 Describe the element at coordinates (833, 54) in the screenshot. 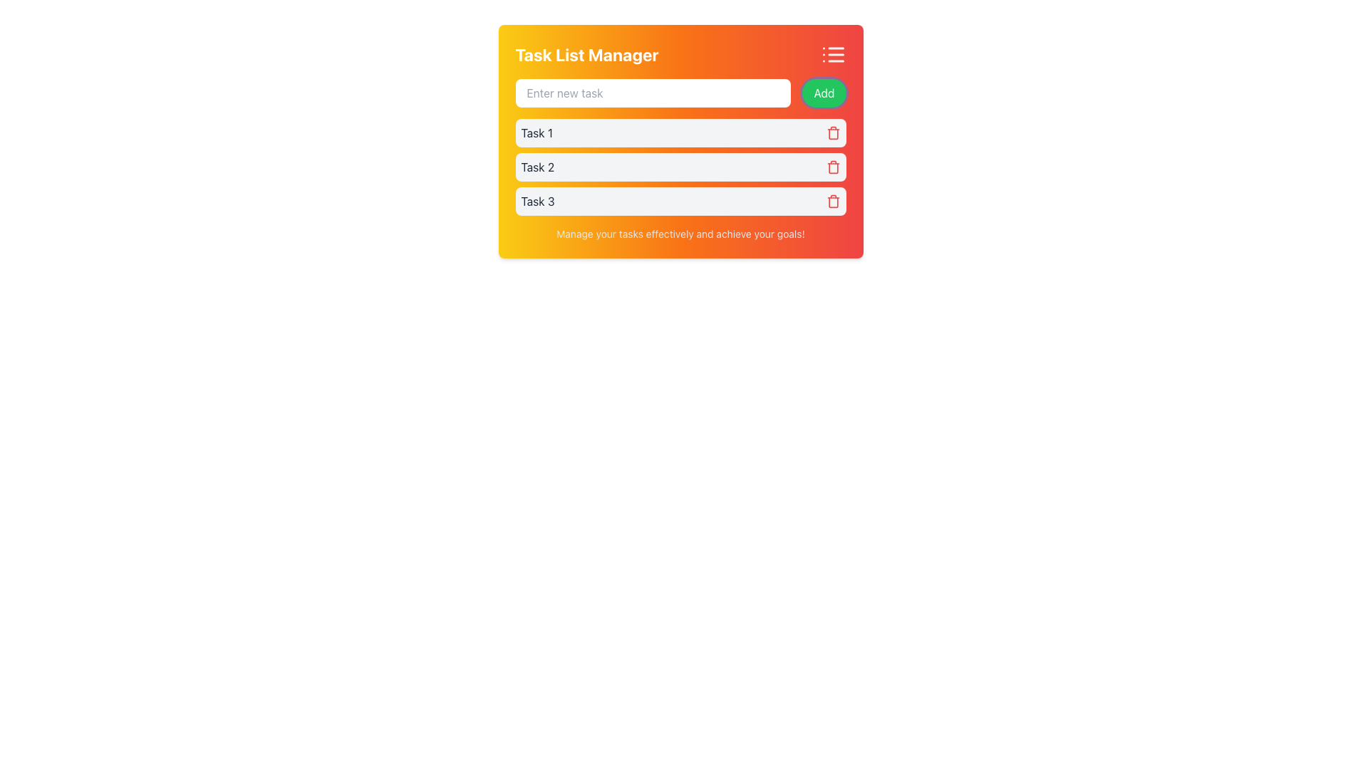

I see `the menu icon located to the far right of the header next to the 'Task List Manager' title` at that location.